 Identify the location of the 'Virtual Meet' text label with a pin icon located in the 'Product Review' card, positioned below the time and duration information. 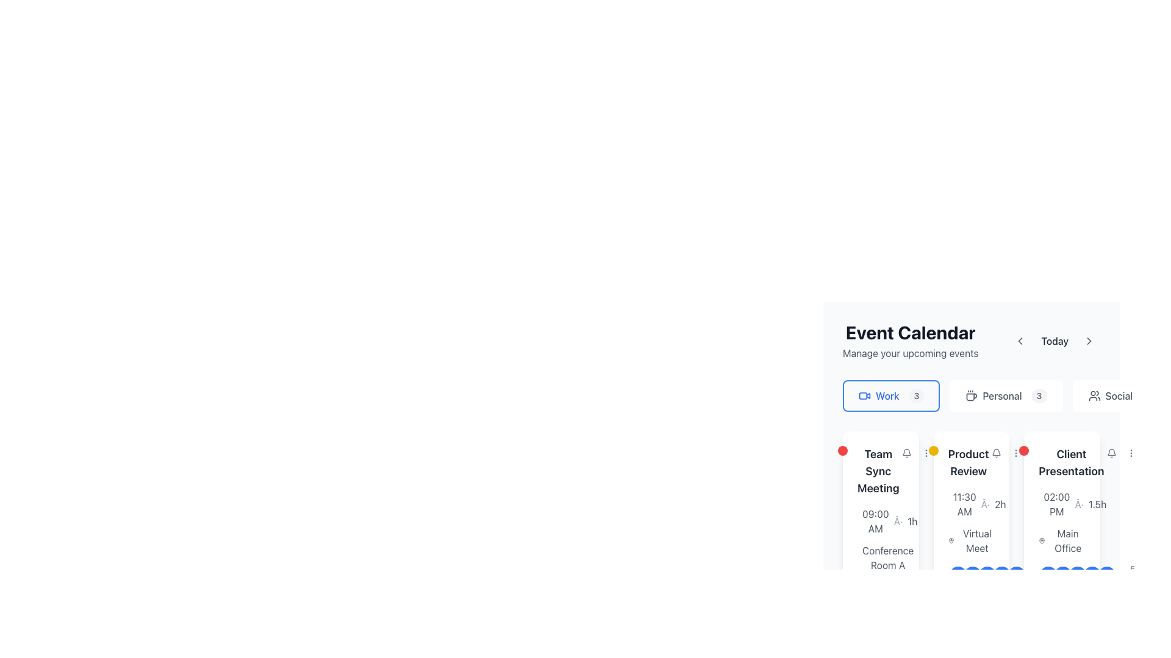
(971, 540).